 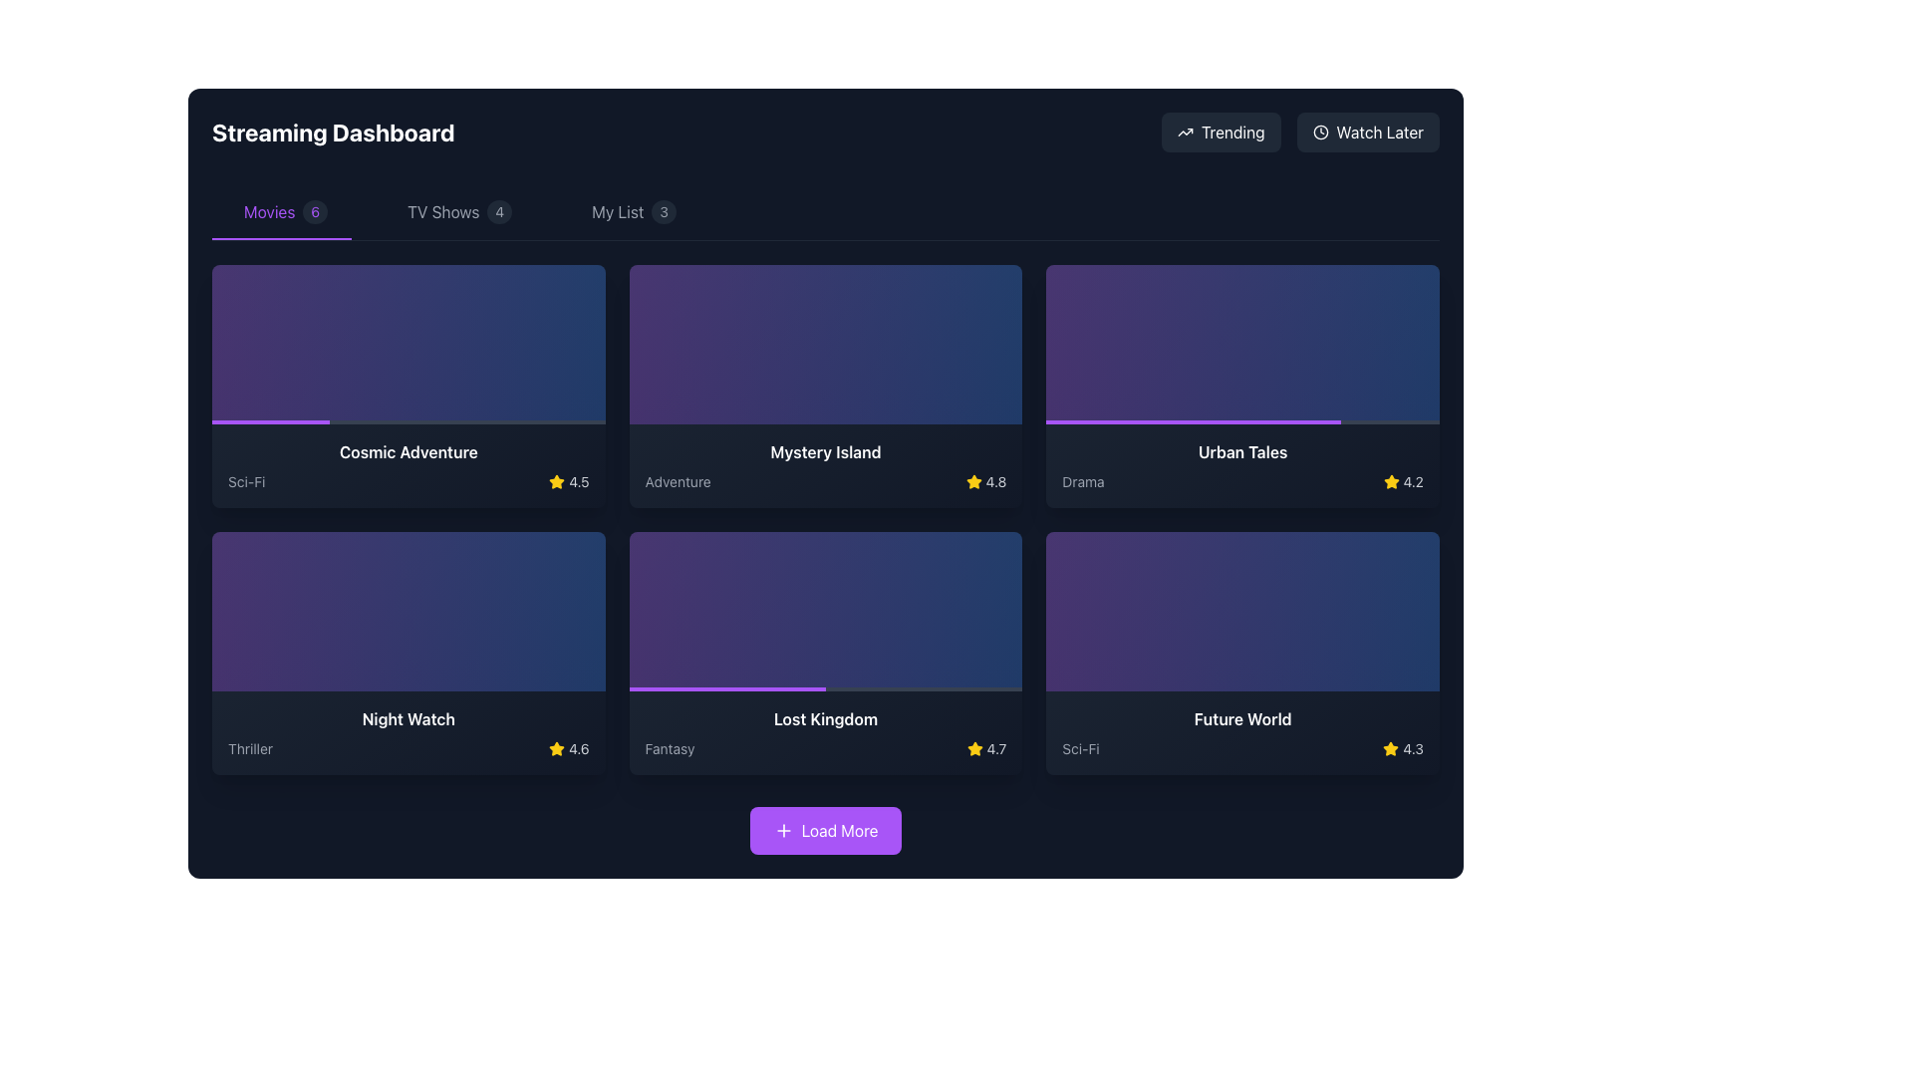 I want to click on the small yellow star icon representing a rating, located below the 'Urban Tales' card in the movie dashboard grid, so click(x=1390, y=481).